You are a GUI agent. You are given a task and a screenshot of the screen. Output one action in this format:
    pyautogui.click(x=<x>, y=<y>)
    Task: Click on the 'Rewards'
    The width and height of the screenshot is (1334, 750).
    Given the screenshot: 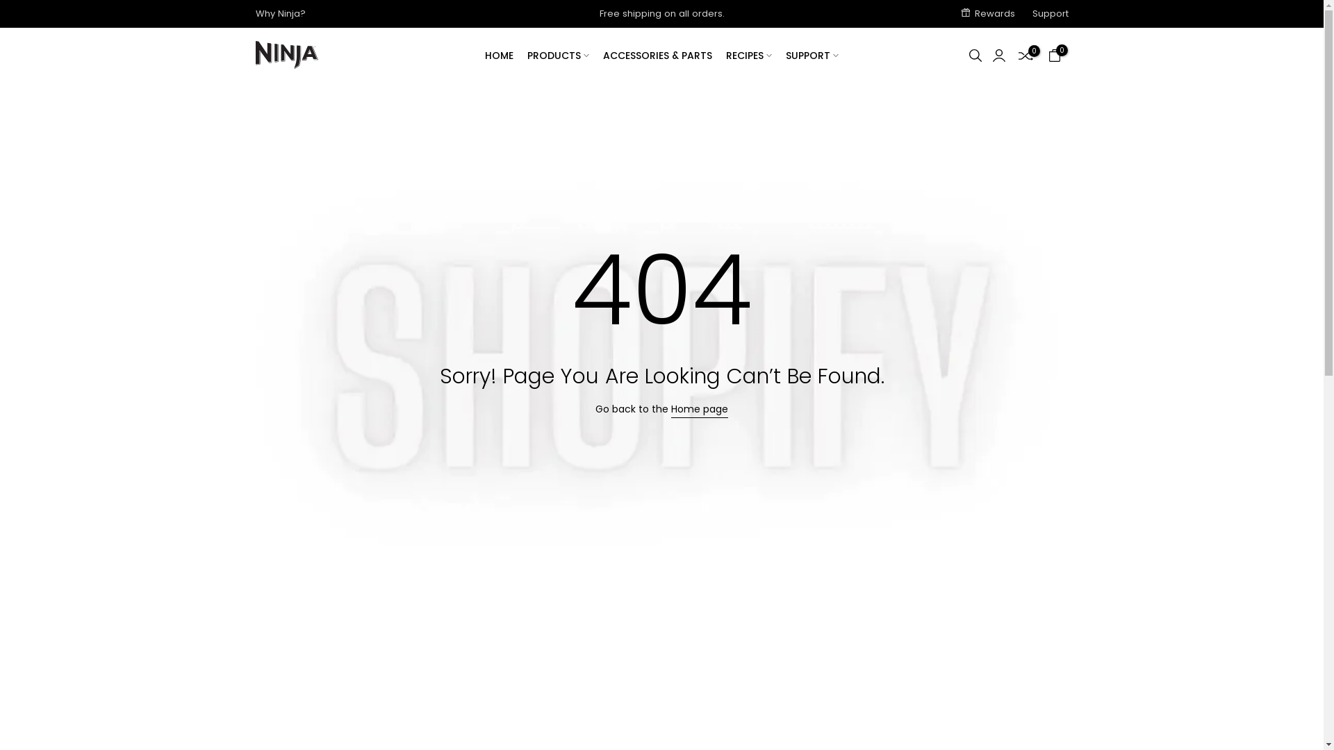 What is the action you would take?
    pyautogui.click(x=987, y=13)
    